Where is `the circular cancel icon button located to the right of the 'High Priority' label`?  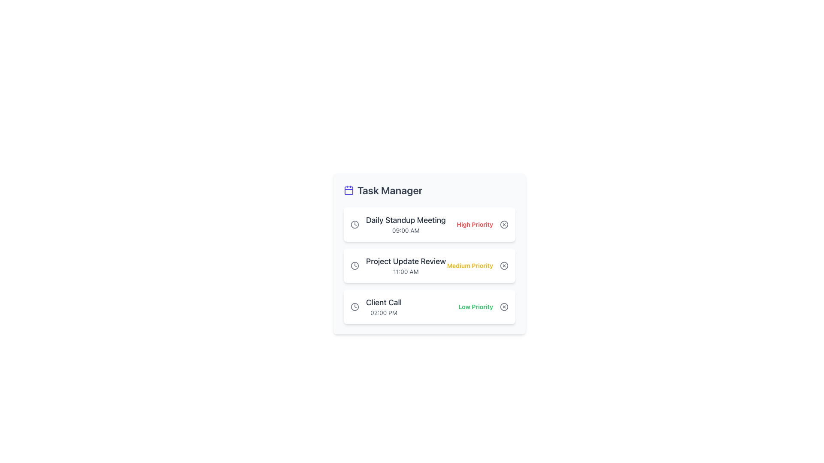
the circular cancel icon button located to the right of the 'High Priority' label is located at coordinates (504, 224).